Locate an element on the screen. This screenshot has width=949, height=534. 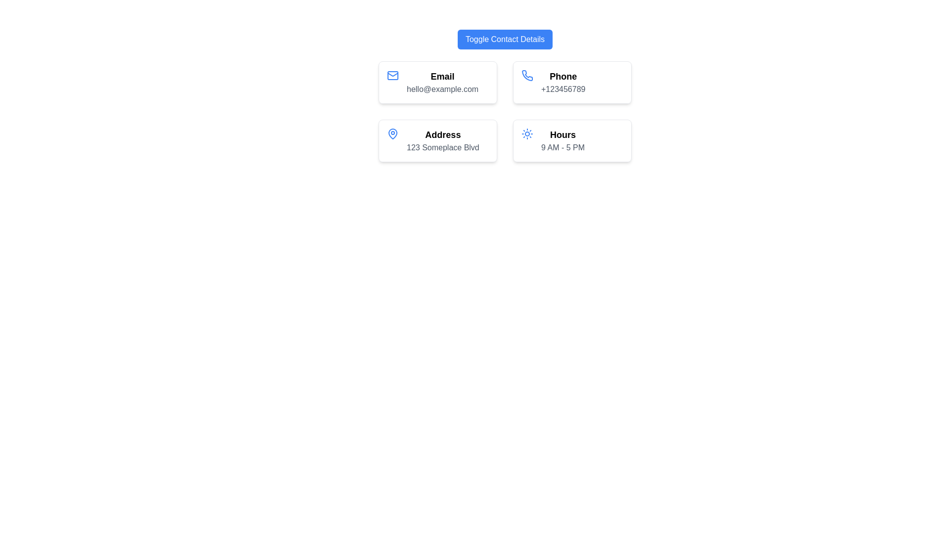
the 'Hours' icon located in the bottom right card of the layout, which visually represents the concept of 'Hours' or time is located at coordinates (526, 141).